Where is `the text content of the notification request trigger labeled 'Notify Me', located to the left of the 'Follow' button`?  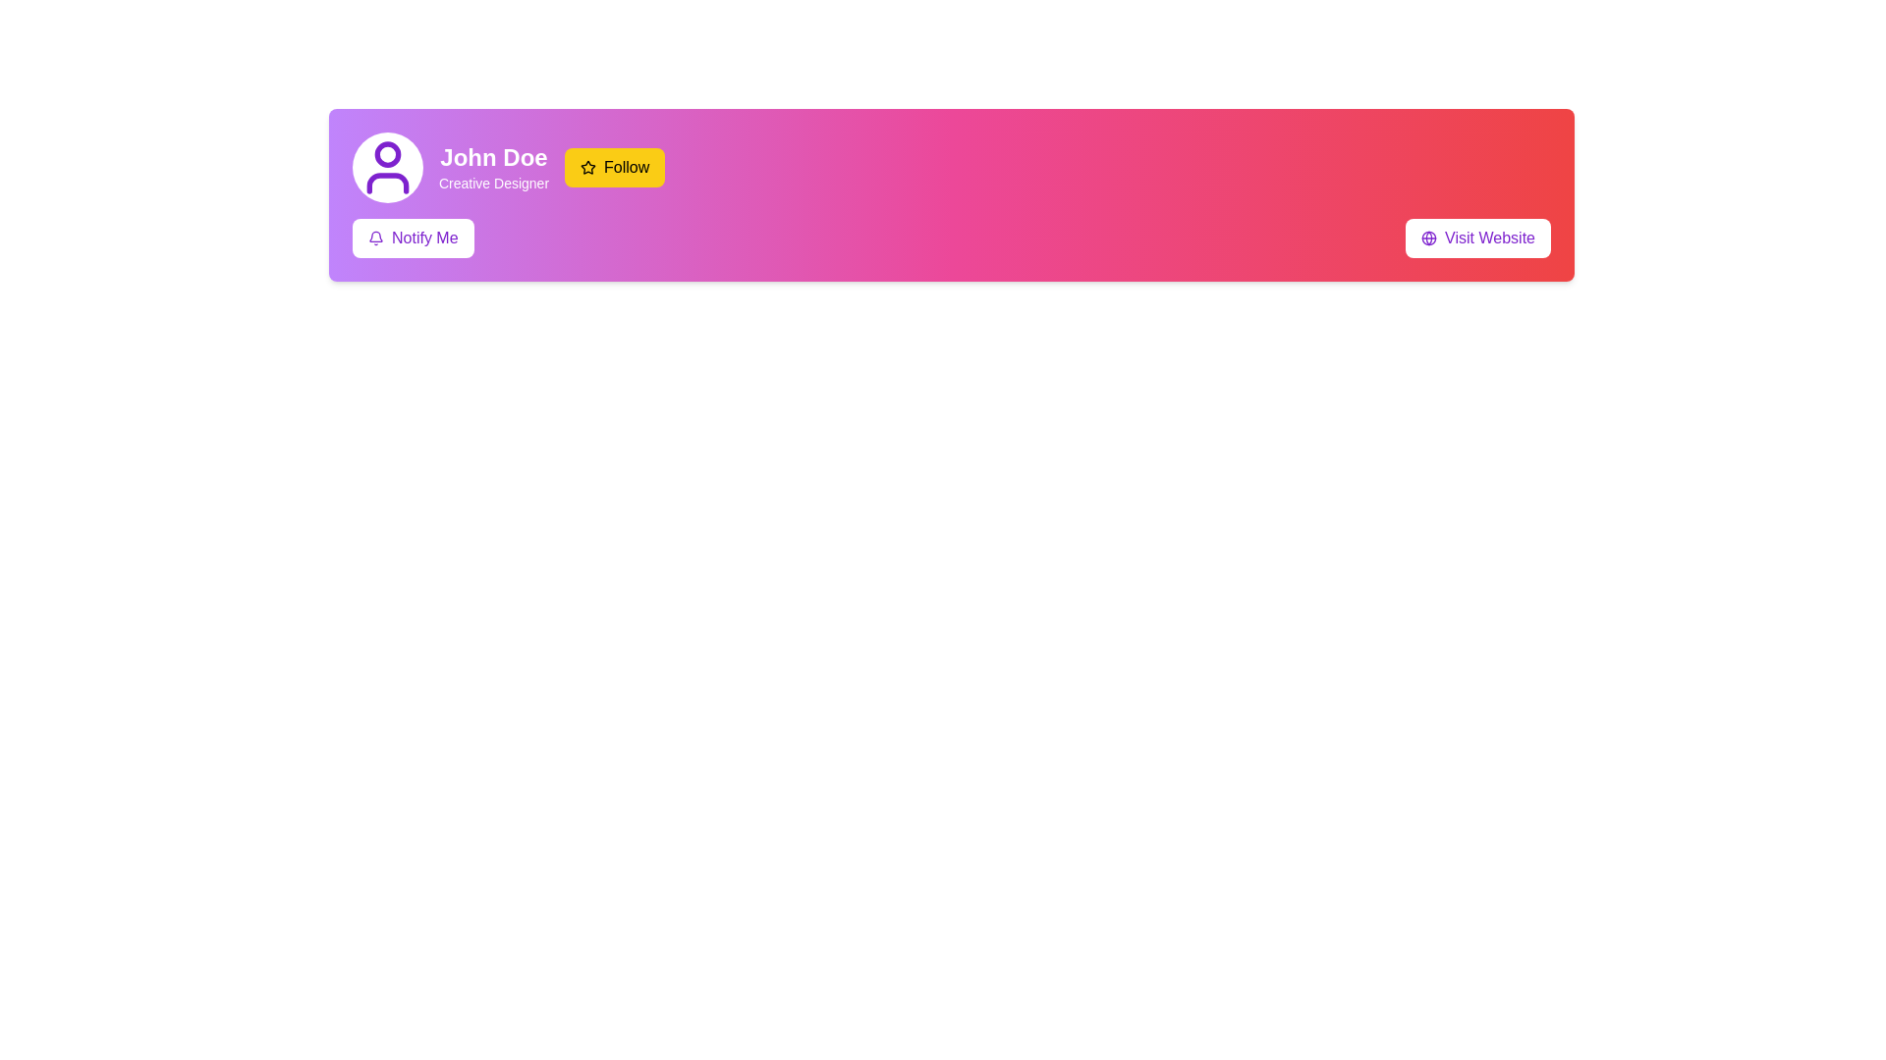
the text content of the notification request trigger labeled 'Notify Me', located to the left of the 'Follow' button is located at coordinates (423, 238).